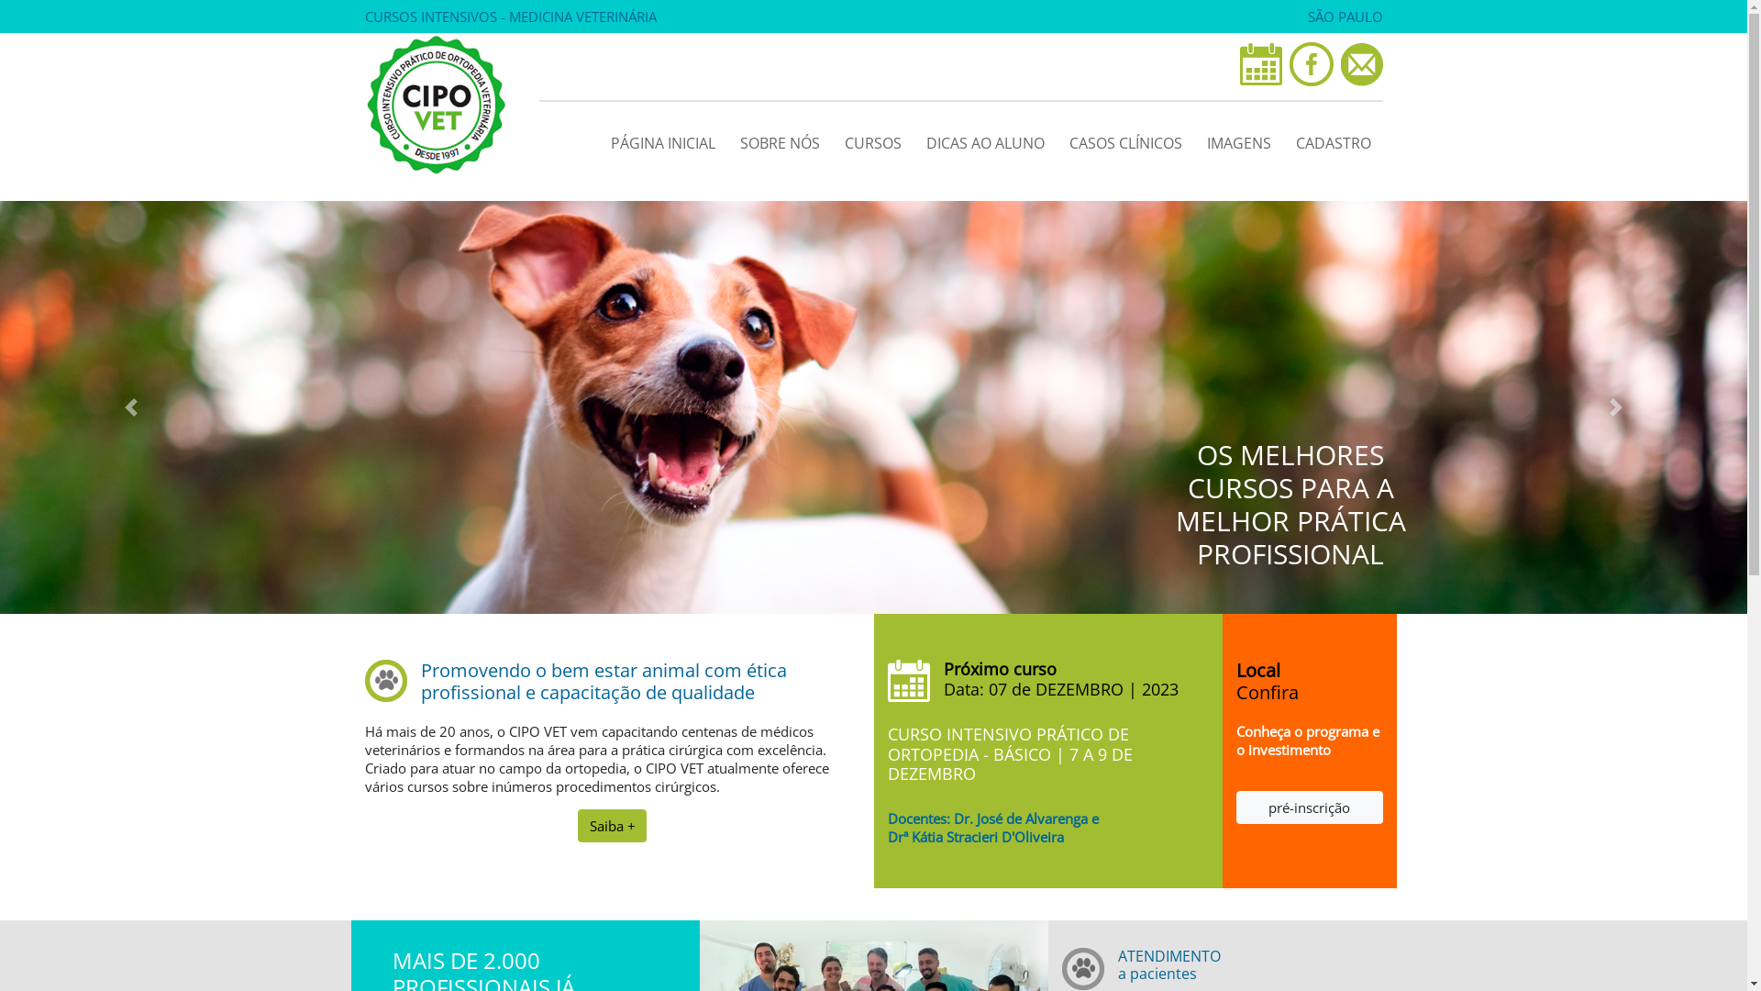  What do you see at coordinates (1237, 138) in the screenshot?
I see `'IMAGENS'` at bounding box center [1237, 138].